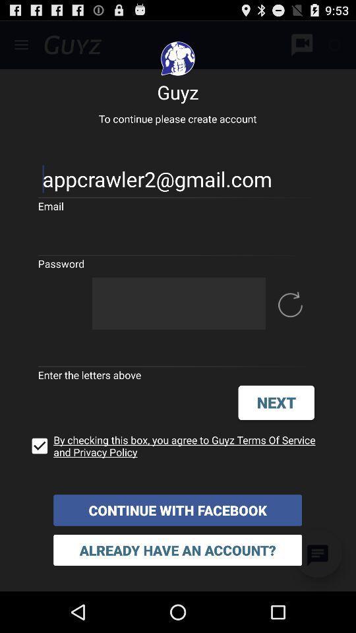 The height and width of the screenshot is (633, 356). I want to click on the refresh icon, so click(290, 325).